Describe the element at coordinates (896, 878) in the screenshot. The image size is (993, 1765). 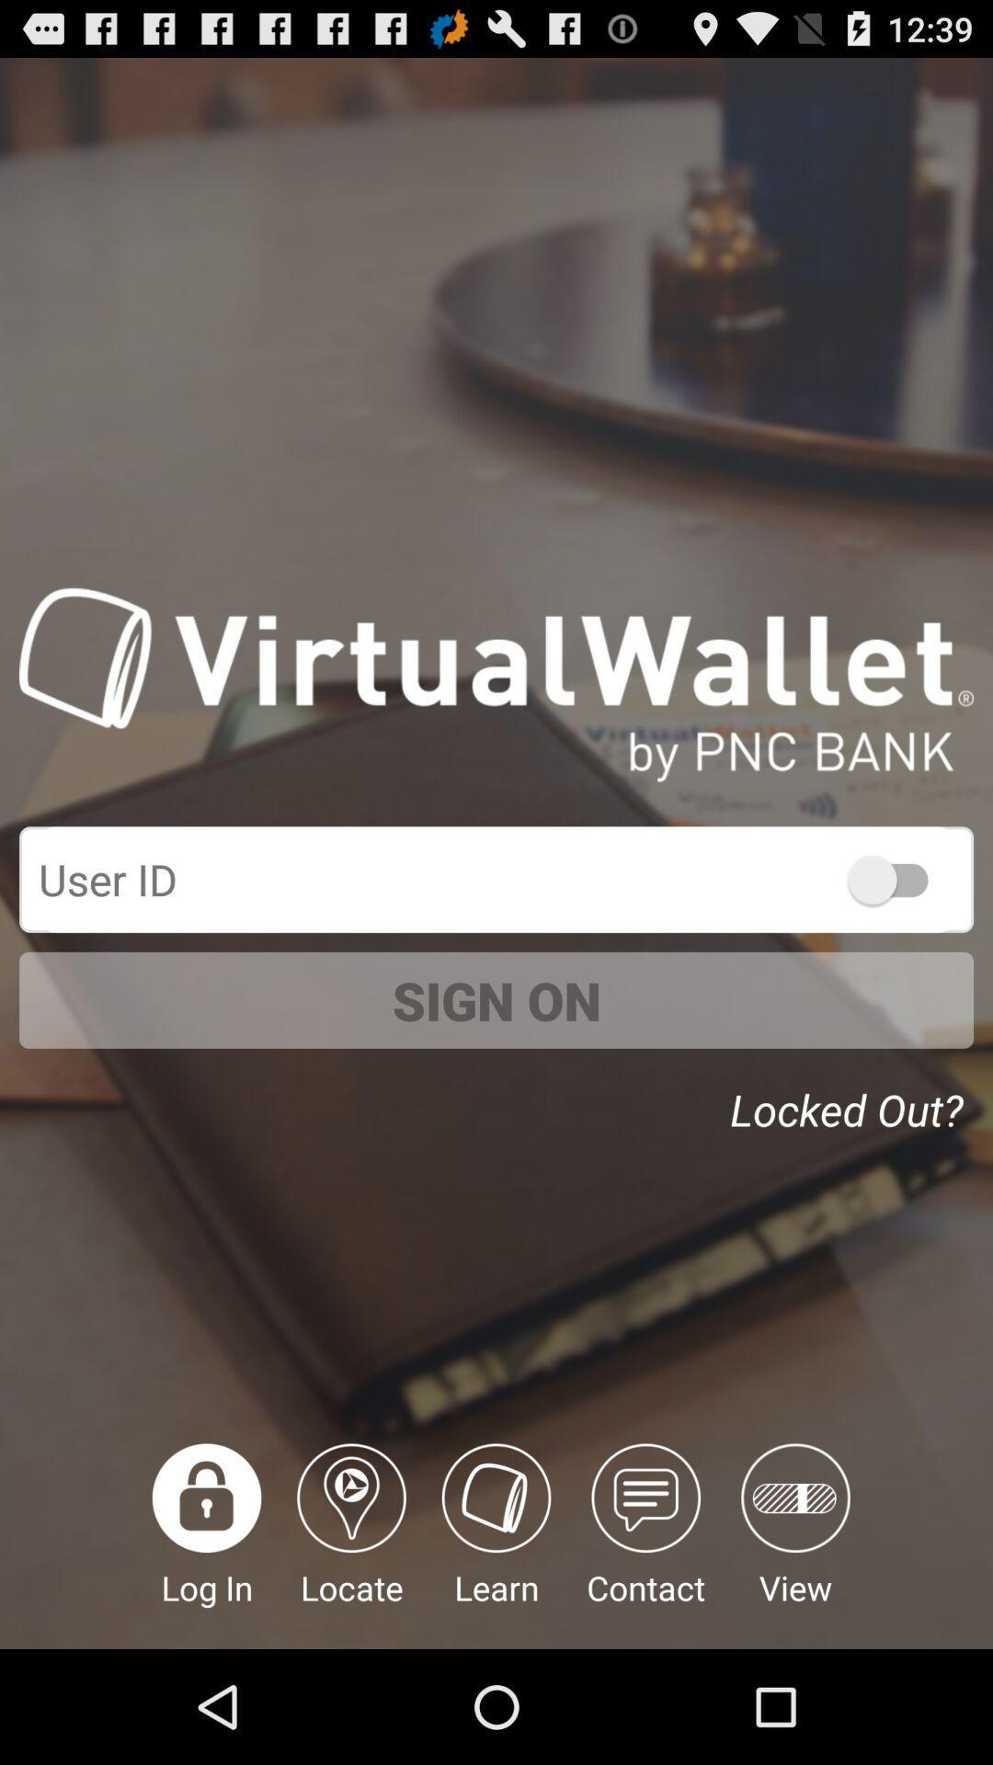
I see `switch to view user id` at that location.